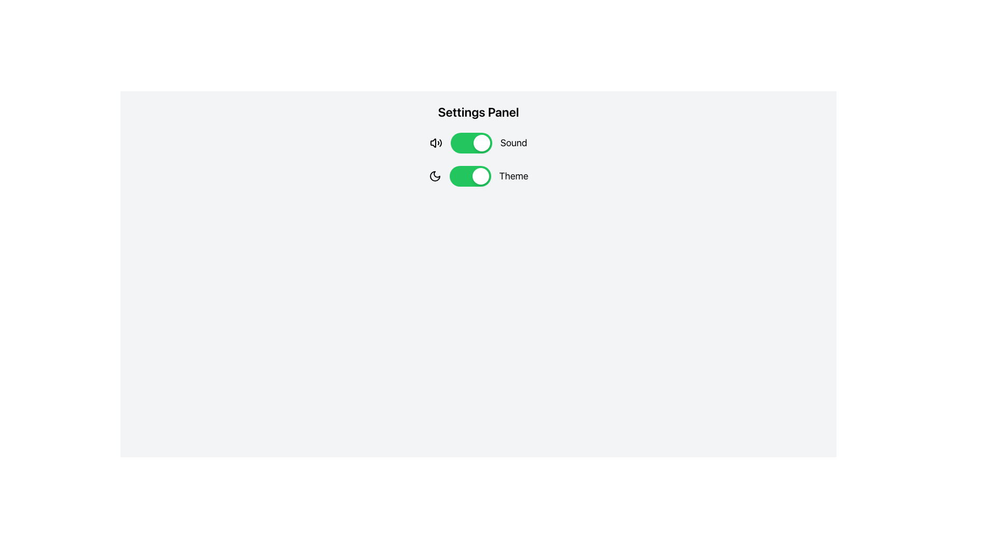  Describe the element at coordinates (470, 143) in the screenshot. I see `the green toggle switch, which is currently in the active state` at that location.